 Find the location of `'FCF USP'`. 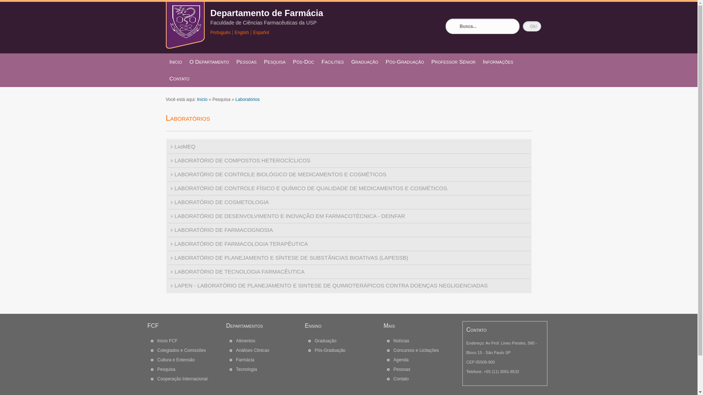

'FCF USP' is located at coordinates (185, 46).